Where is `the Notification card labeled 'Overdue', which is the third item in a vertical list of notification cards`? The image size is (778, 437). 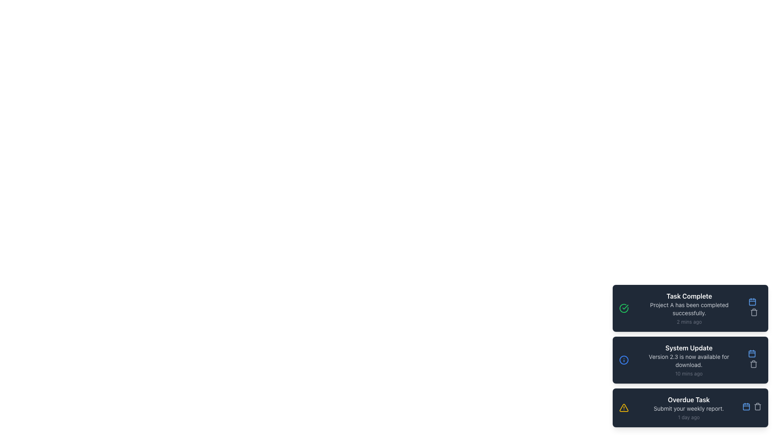 the Notification card labeled 'Overdue', which is the third item in a vertical list of notification cards is located at coordinates (688, 407).